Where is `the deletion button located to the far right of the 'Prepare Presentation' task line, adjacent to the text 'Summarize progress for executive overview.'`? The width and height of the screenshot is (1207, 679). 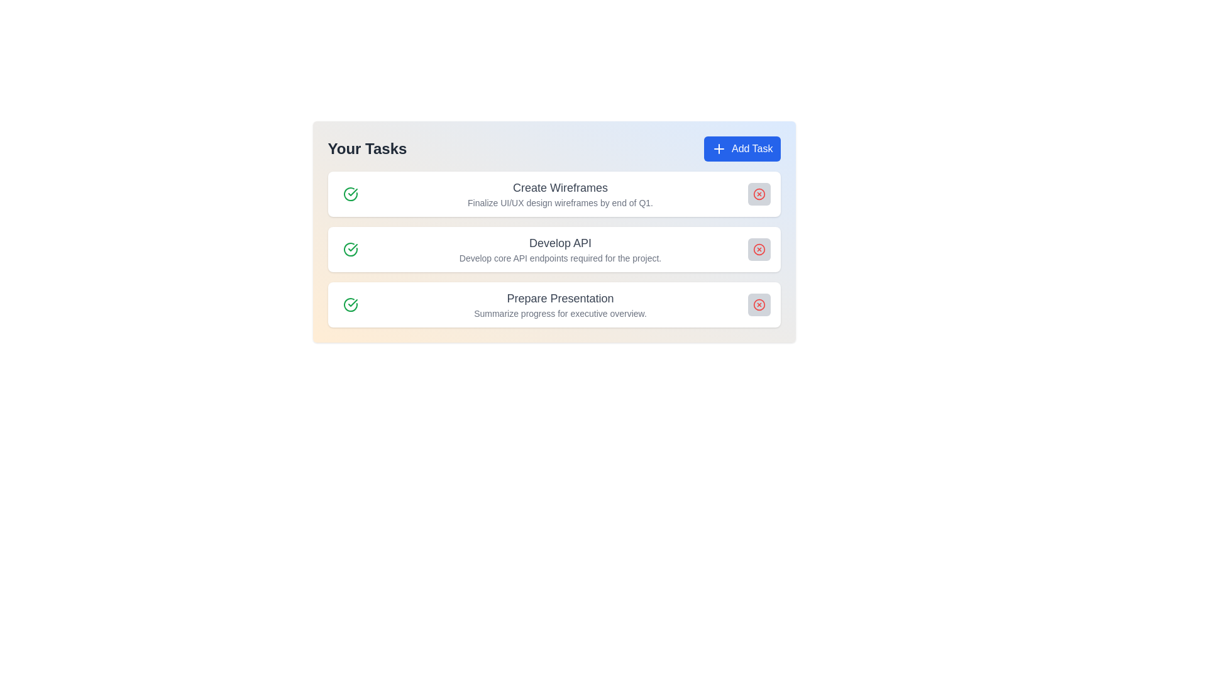 the deletion button located to the far right of the 'Prepare Presentation' task line, adjacent to the text 'Summarize progress for executive overview.' is located at coordinates (758, 305).